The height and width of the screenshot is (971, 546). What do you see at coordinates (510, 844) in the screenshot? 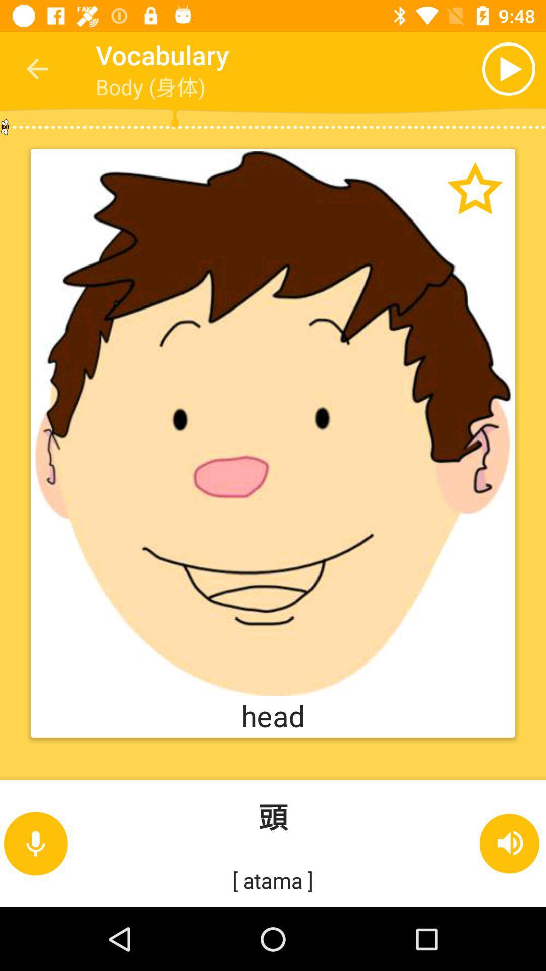
I see `the volume icon` at bounding box center [510, 844].